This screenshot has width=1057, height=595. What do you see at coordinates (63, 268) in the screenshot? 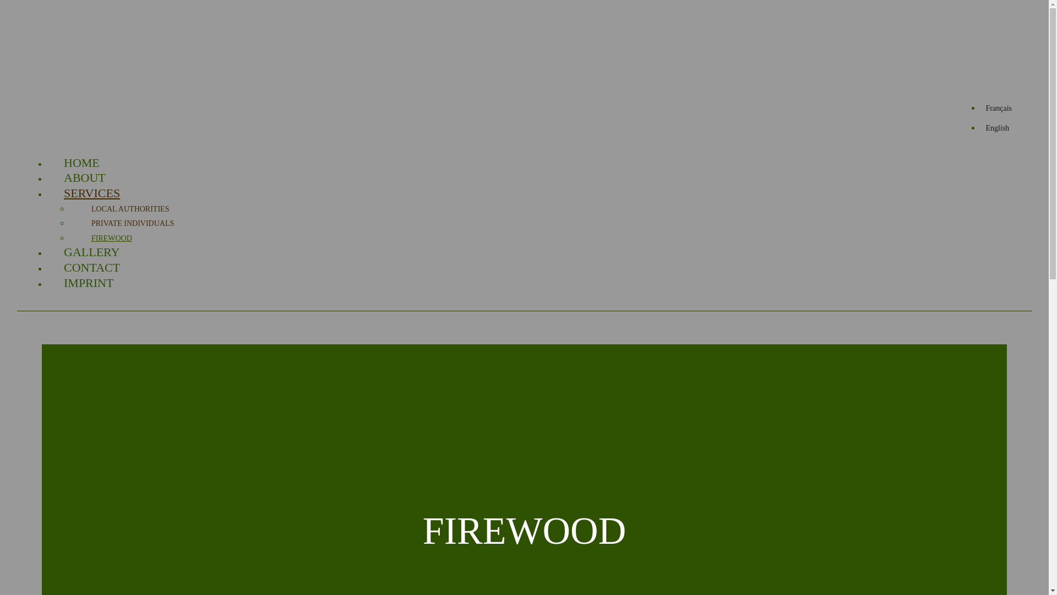
I see `'CONTACT'` at bounding box center [63, 268].